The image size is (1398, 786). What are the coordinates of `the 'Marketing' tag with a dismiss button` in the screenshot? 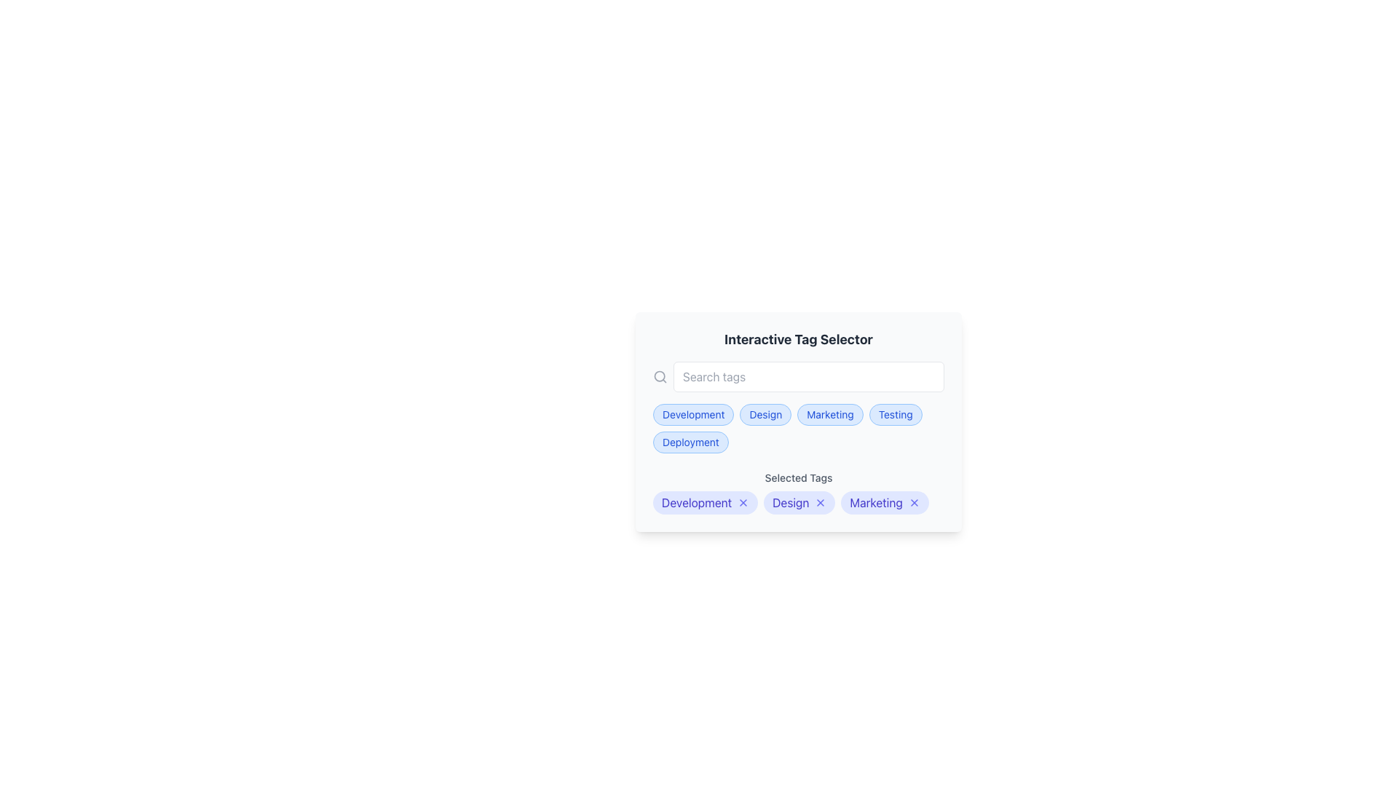 It's located at (884, 501).